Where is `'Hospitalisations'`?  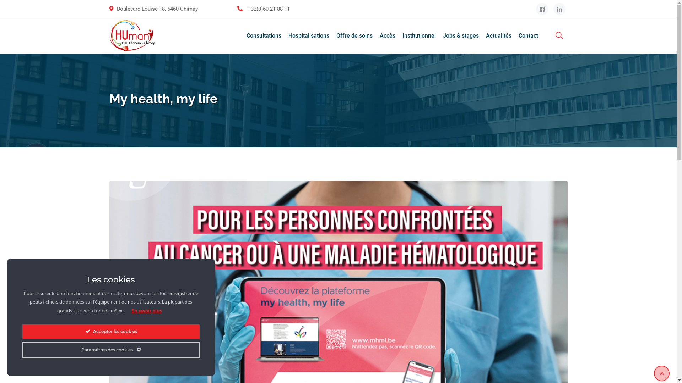
'Hospitalisations' is located at coordinates (309, 35).